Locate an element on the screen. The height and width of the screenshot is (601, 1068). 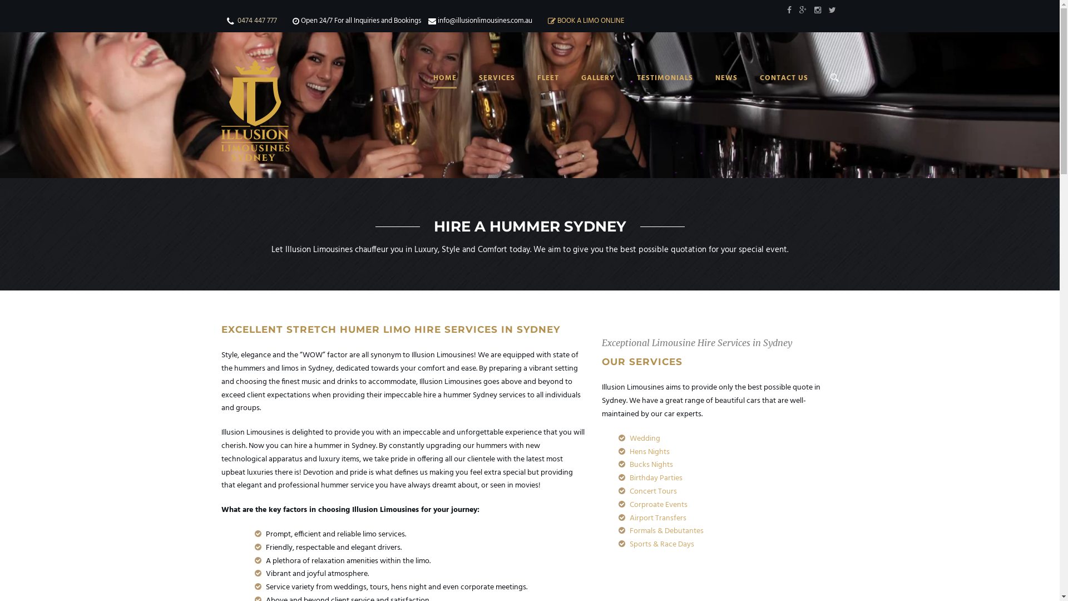
'Formals & Debutantes' is located at coordinates (630, 530).